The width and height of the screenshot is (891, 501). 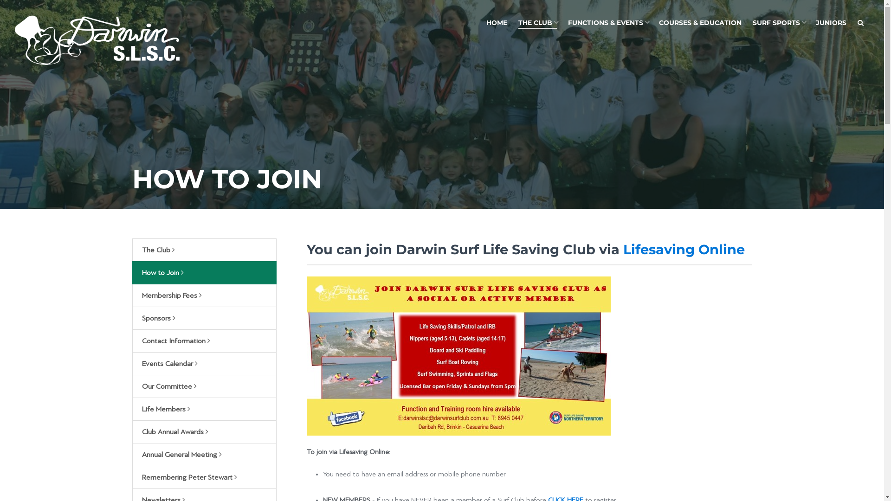 What do you see at coordinates (537, 23) in the screenshot?
I see `'THE CLUB'` at bounding box center [537, 23].